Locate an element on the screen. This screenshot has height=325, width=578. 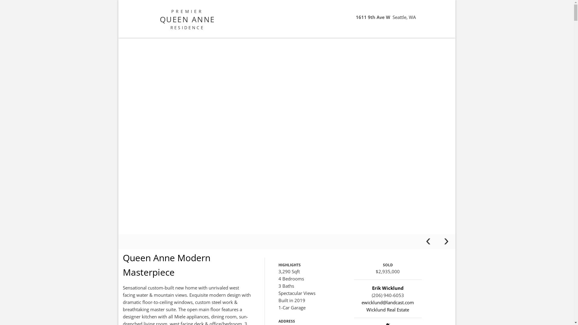
'Wicklund Real Estate' is located at coordinates (387, 310).